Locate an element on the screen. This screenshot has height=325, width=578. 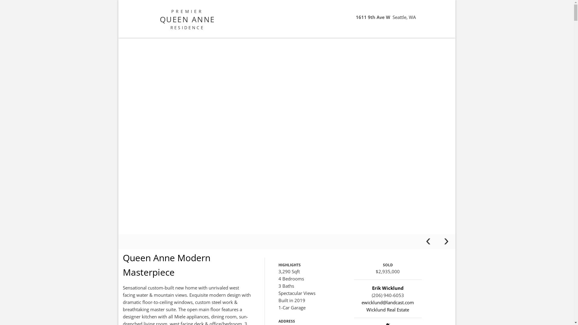
'Wicklund Real Estate' is located at coordinates (387, 310).